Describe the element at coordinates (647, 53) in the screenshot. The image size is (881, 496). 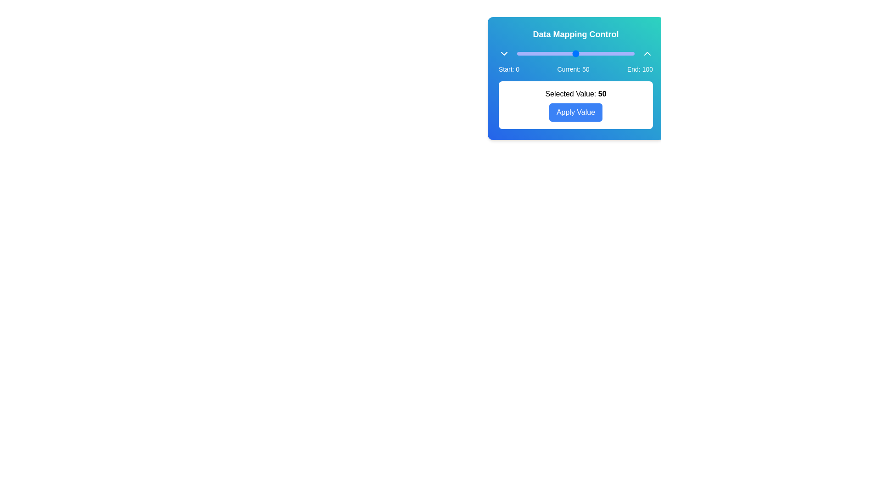
I see `the upward navigation icon located at the top-right of the application's main interface` at that location.